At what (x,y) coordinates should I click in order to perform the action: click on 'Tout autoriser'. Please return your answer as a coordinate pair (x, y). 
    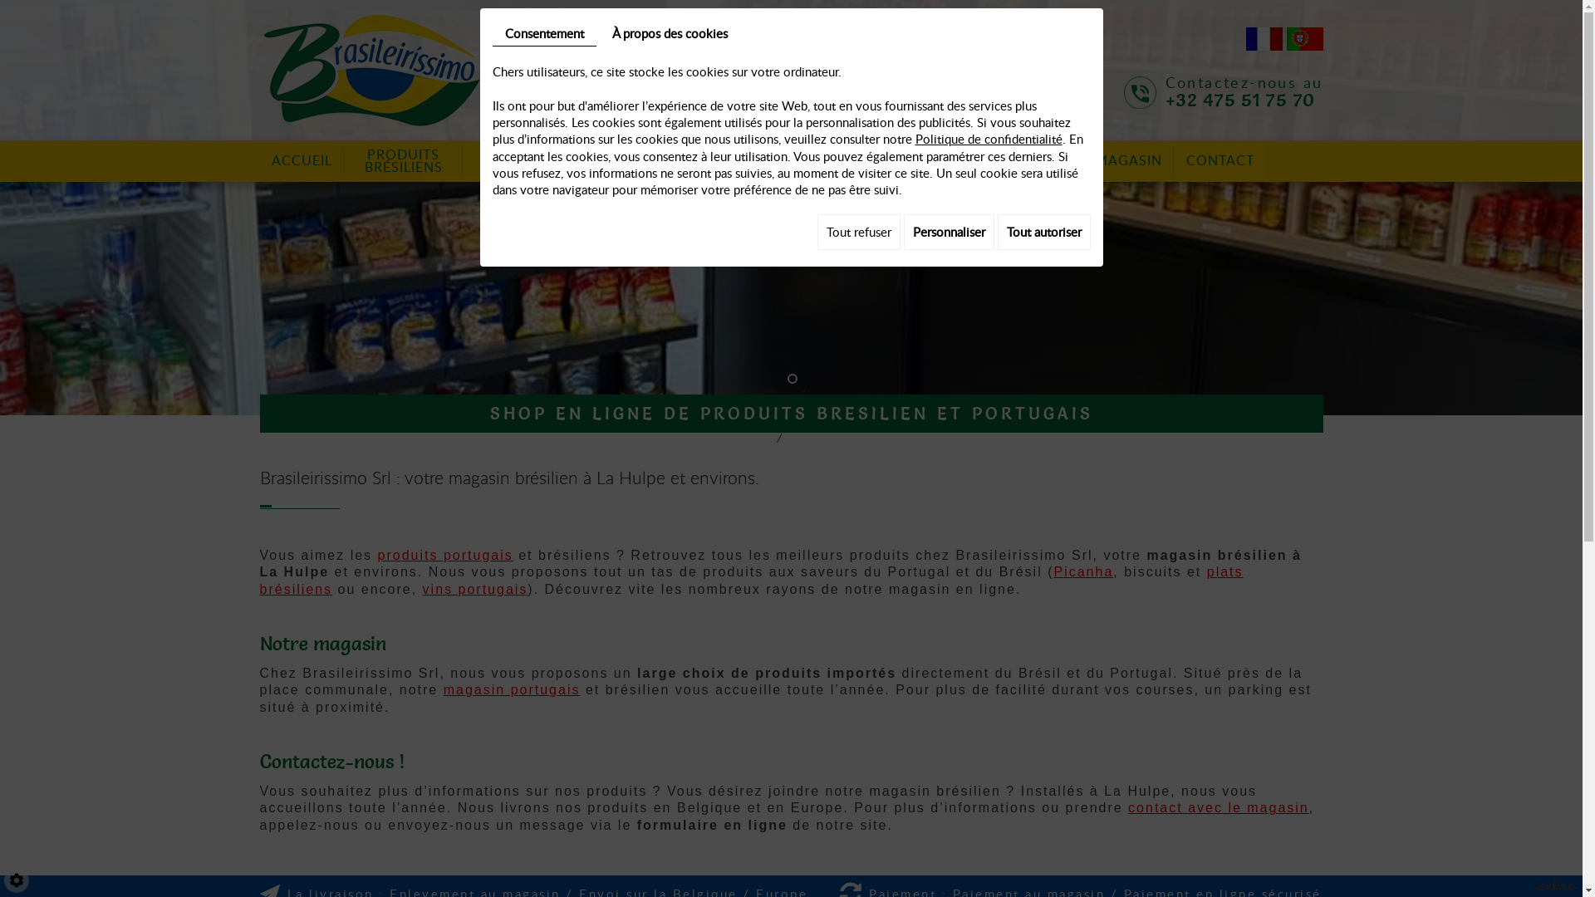
    Looking at the image, I should click on (1043, 231).